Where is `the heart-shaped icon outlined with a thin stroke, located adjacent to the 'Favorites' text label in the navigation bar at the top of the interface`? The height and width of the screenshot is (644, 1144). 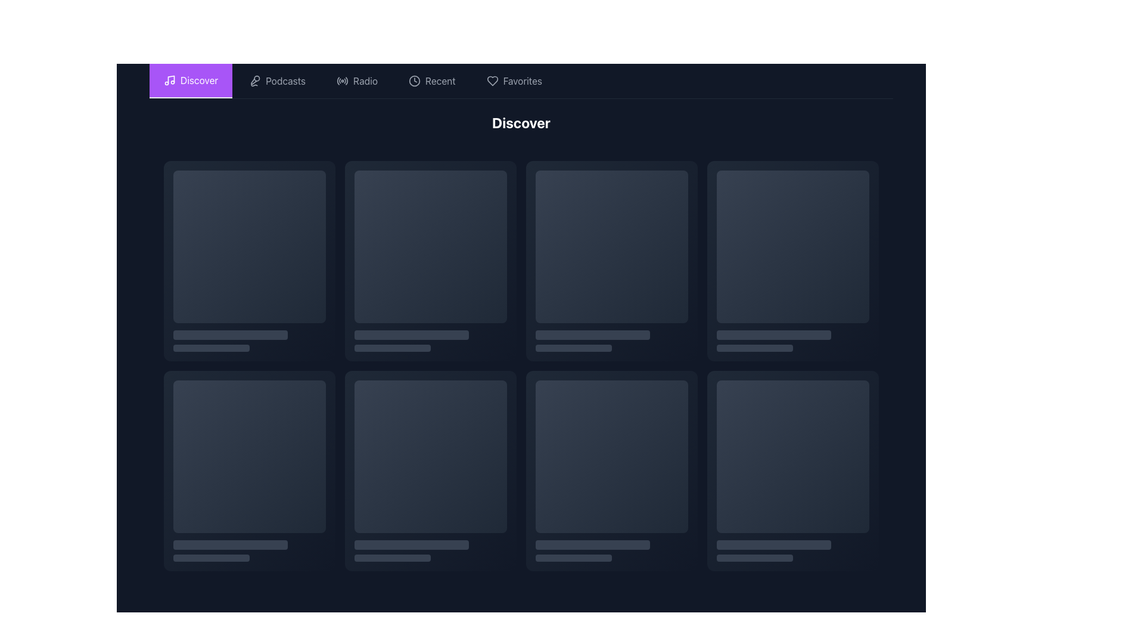 the heart-shaped icon outlined with a thin stroke, located adjacent to the 'Favorites' text label in the navigation bar at the top of the interface is located at coordinates (492, 80).